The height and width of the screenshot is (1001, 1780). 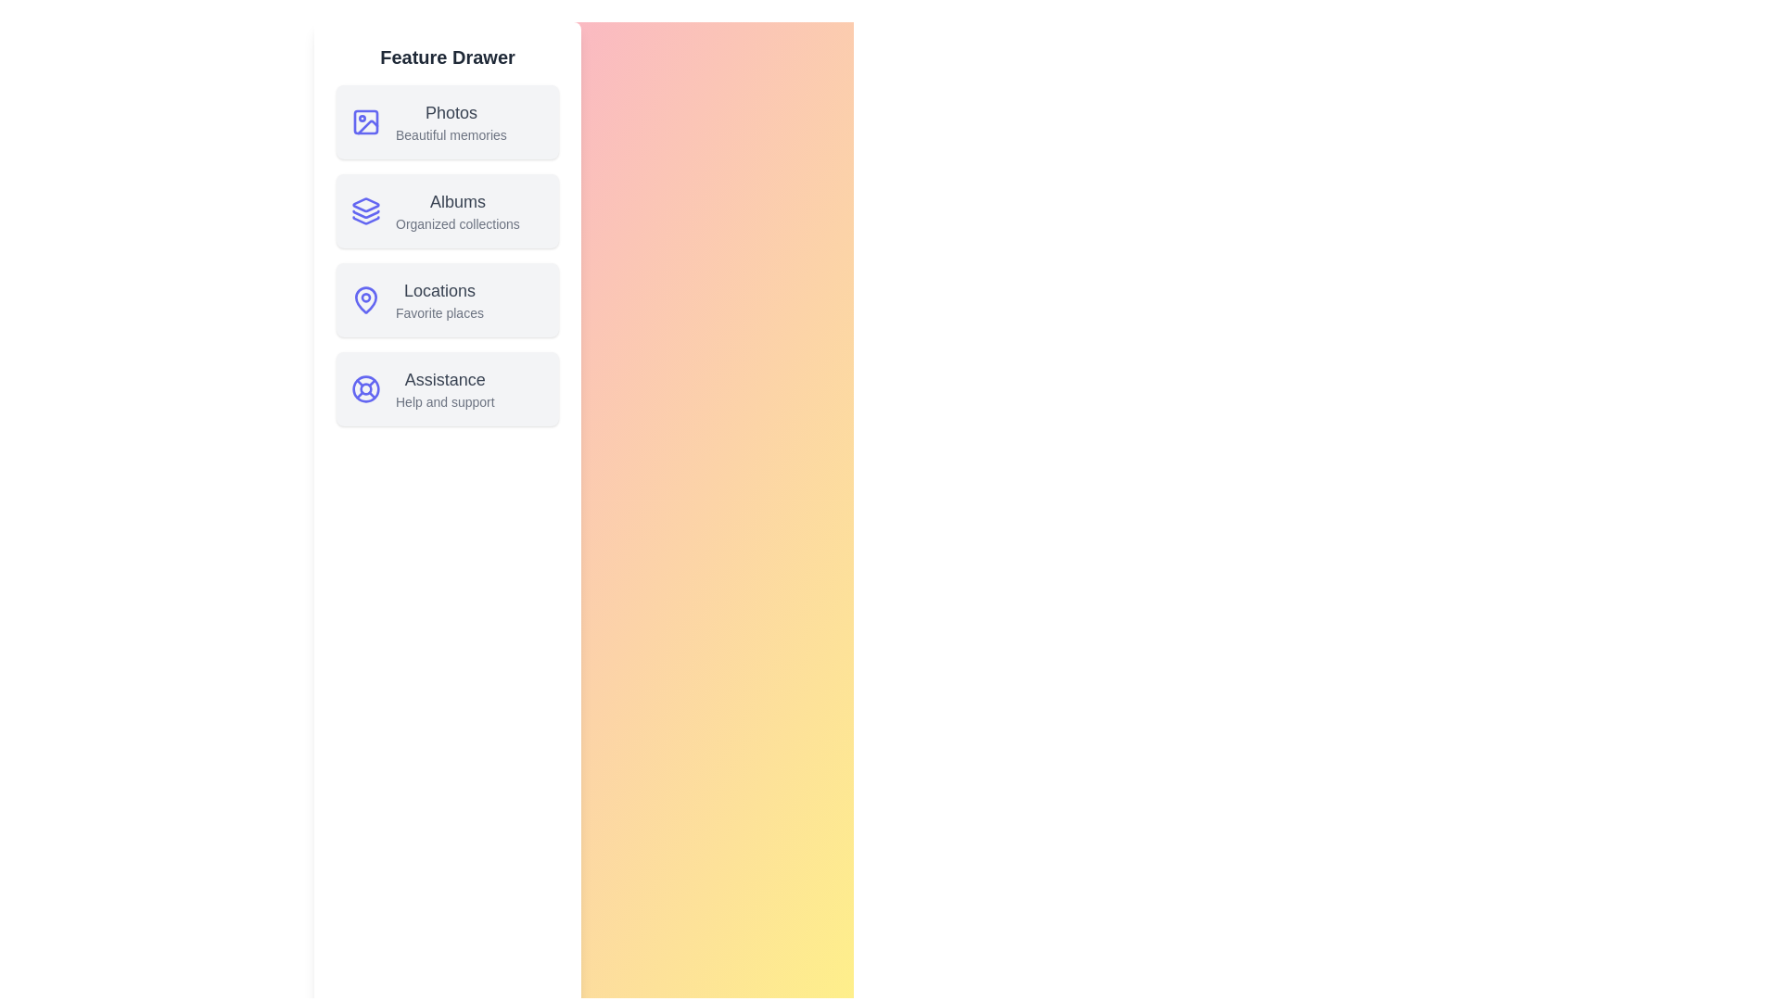 I want to click on the feature item Photos to reveal its effect, so click(x=448, y=121).